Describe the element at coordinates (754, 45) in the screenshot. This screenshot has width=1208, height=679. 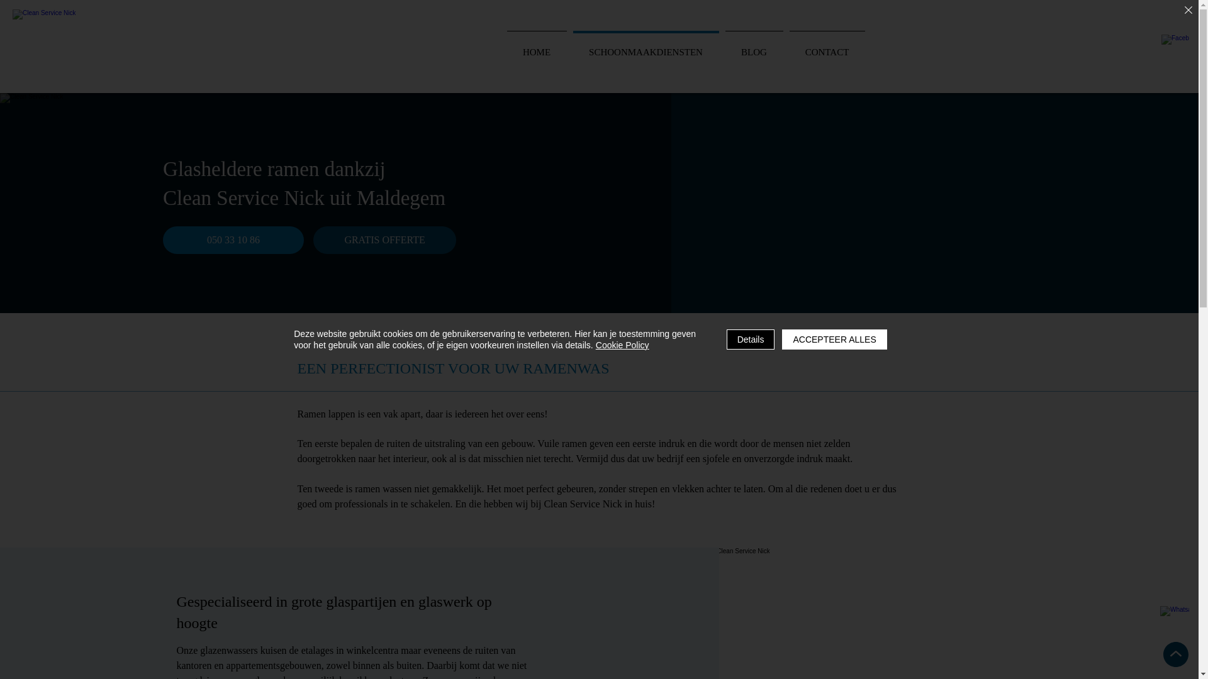
I see `'BLOG'` at that location.